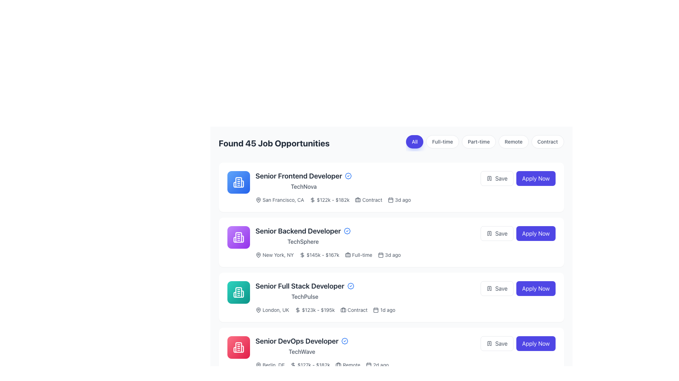 The height and width of the screenshot is (381, 679). What do you see at coordinates (238, 182) in the screenshot?
I see `the decorative icon for the job listing that represents the category of the job, located to the left of the job title 'Senior Frontend Developer' in the first job listing` at bounding box center [238, 182].